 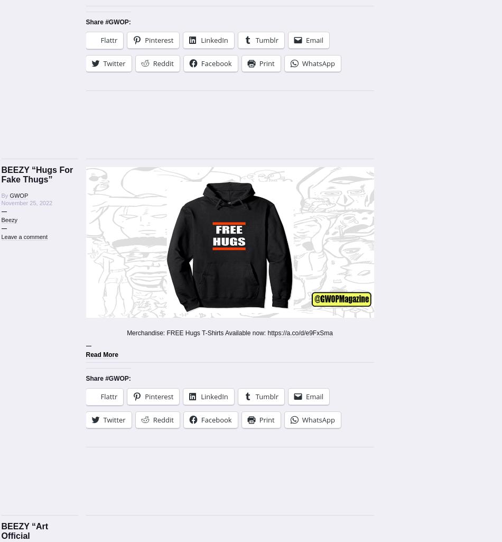 What do you see at coordinates (26, 203) in the screenshot?
I see `'November 25, 2022'` at bounding box center [26, 203].